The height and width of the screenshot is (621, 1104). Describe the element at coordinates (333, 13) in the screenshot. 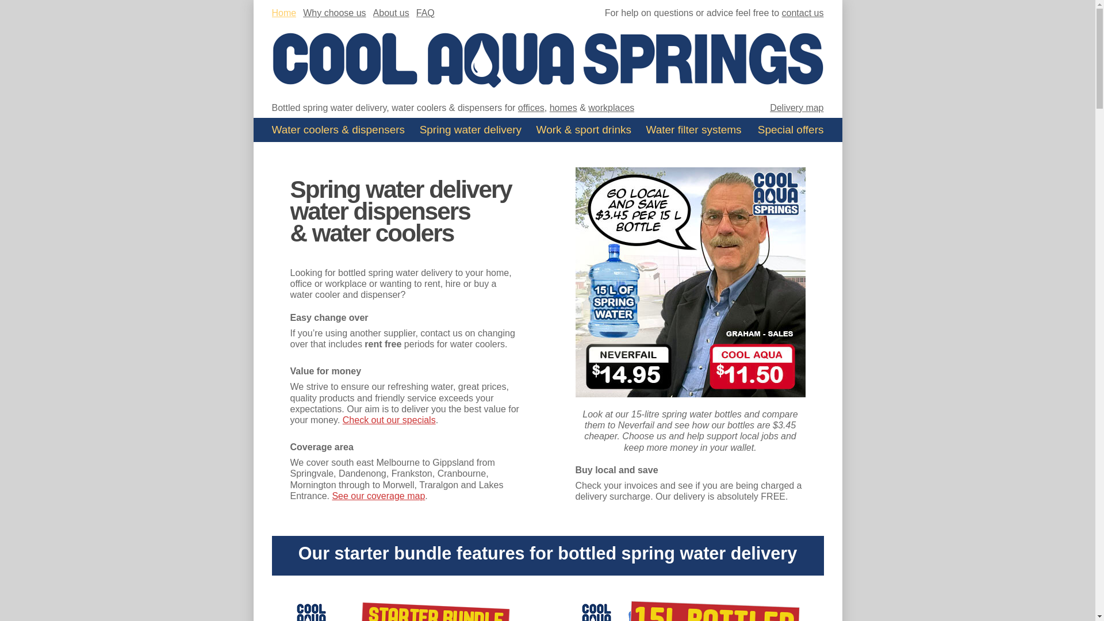

I see `'Why choose us'` at that location.